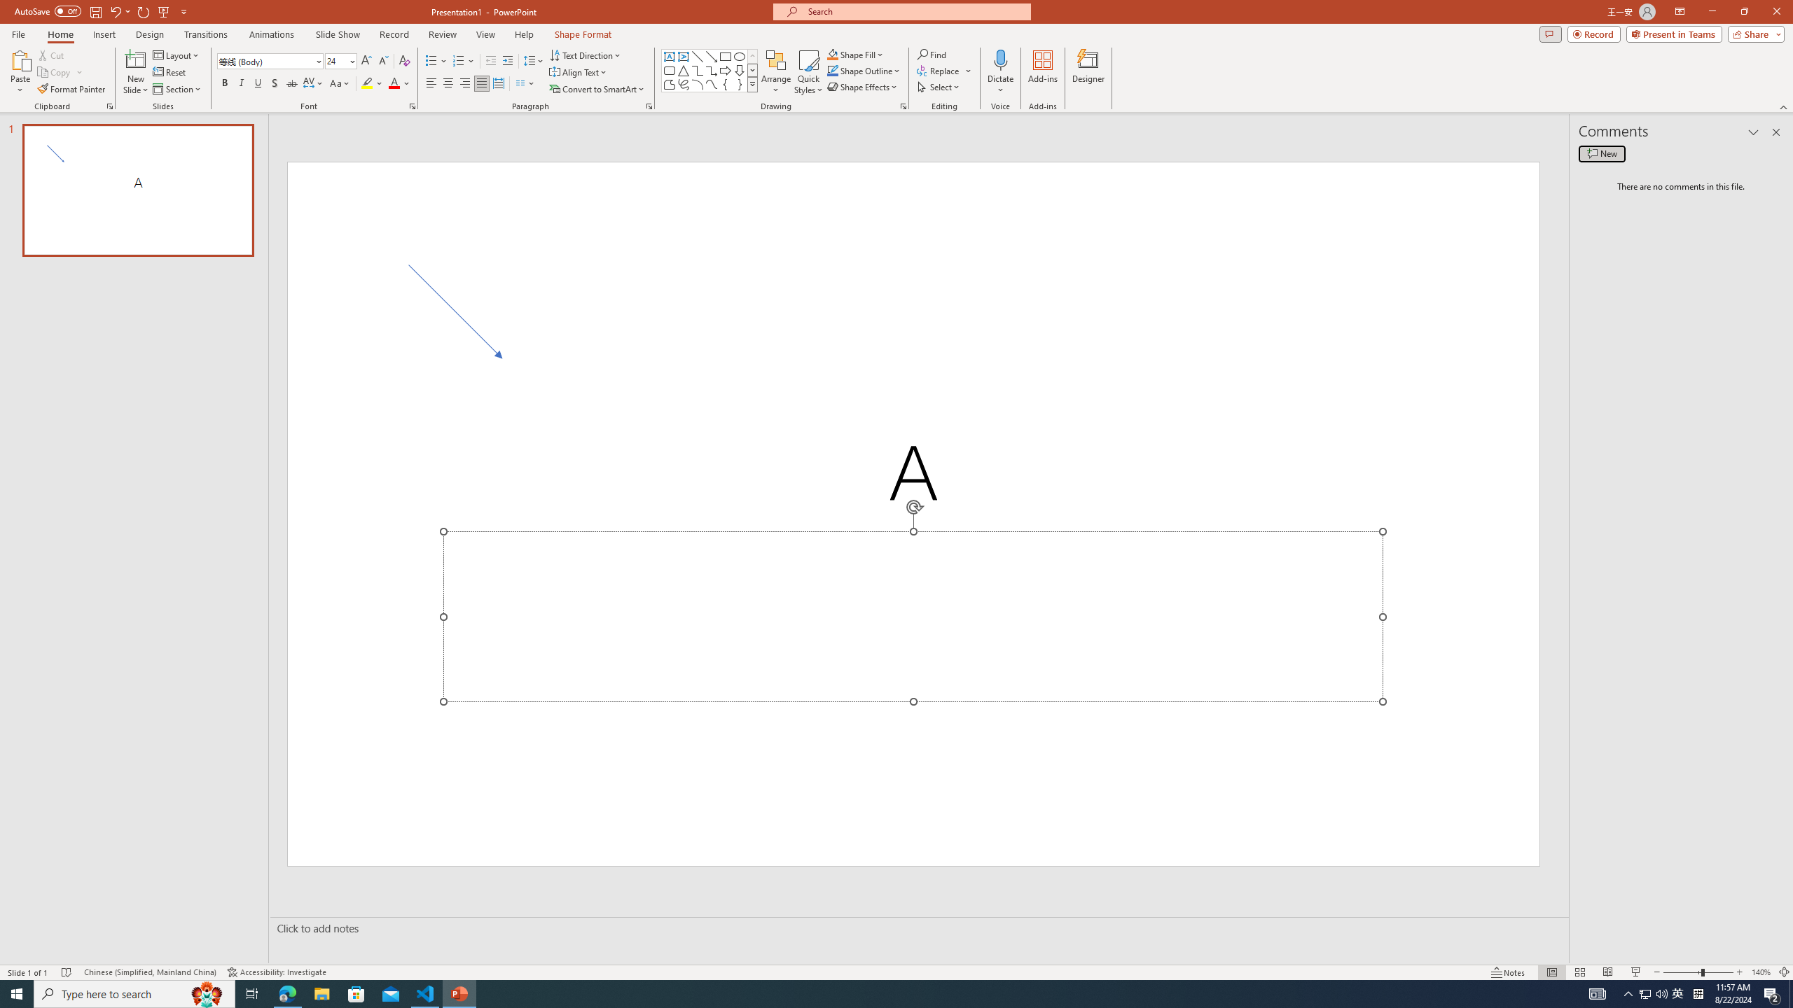  I want to click on 'New comment', so click(1601, 153).